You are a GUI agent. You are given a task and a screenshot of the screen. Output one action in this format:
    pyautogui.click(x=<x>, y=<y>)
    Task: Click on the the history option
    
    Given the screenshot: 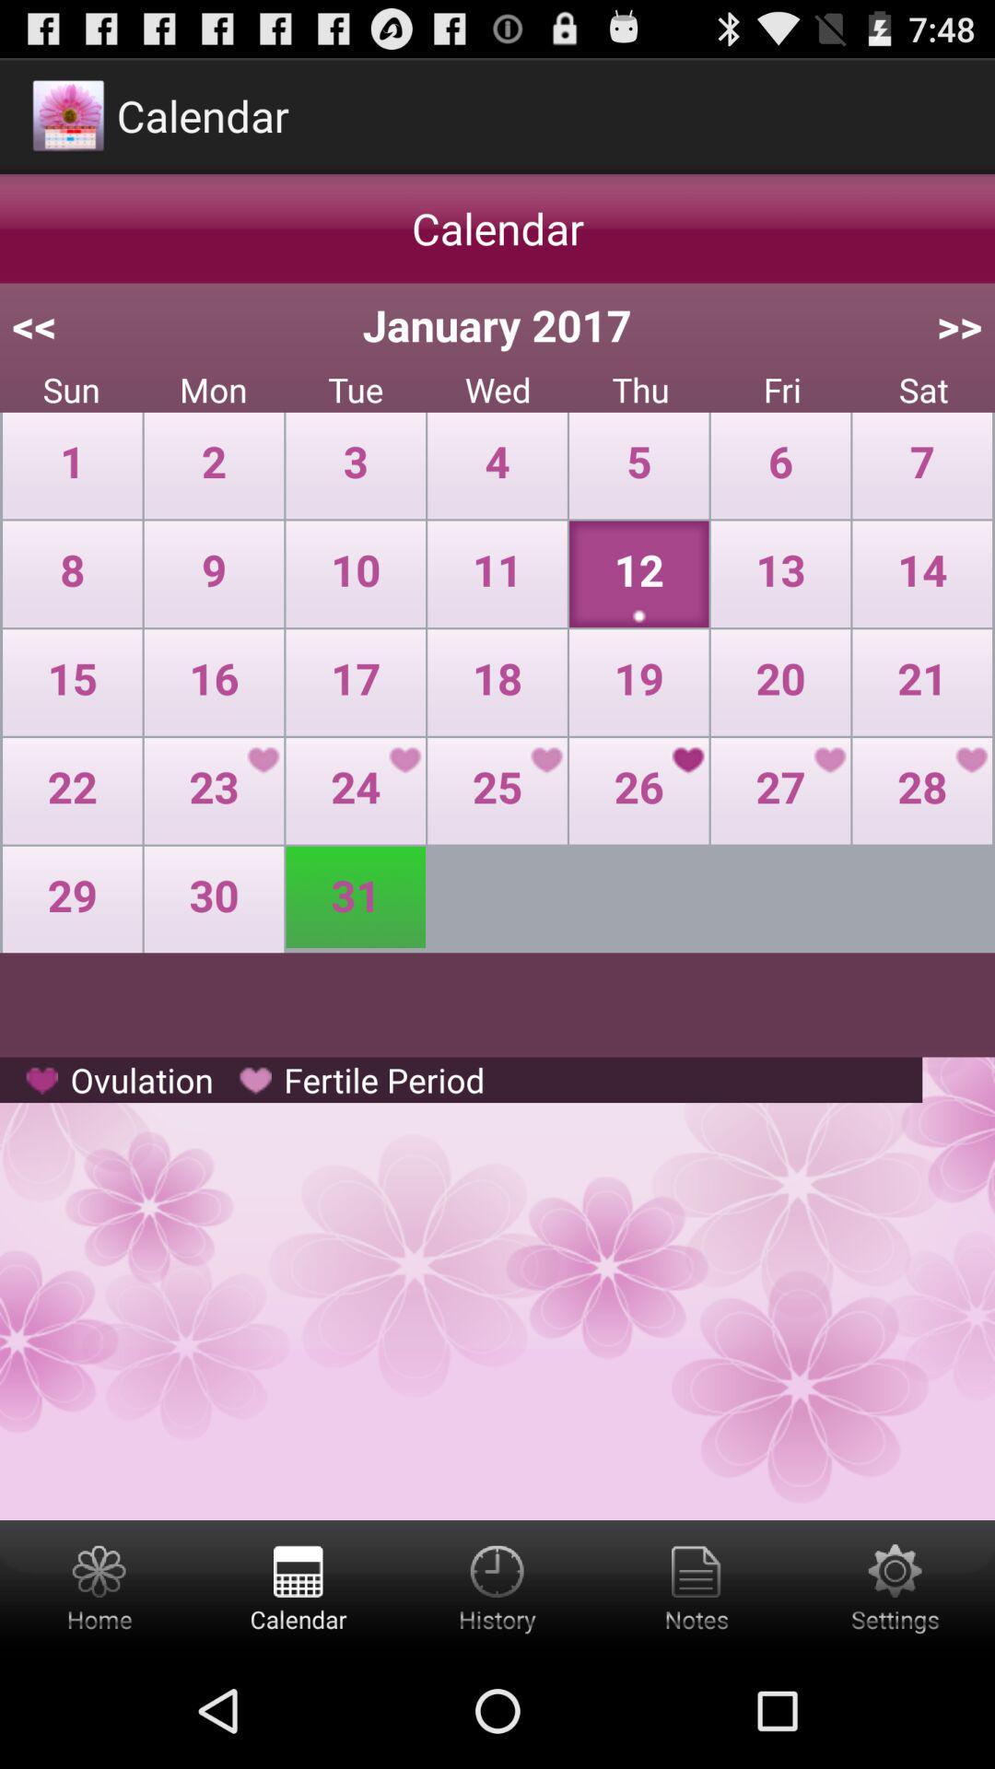 What is the action you would take?
    pyautogui.click(x=497, y=1586)
    